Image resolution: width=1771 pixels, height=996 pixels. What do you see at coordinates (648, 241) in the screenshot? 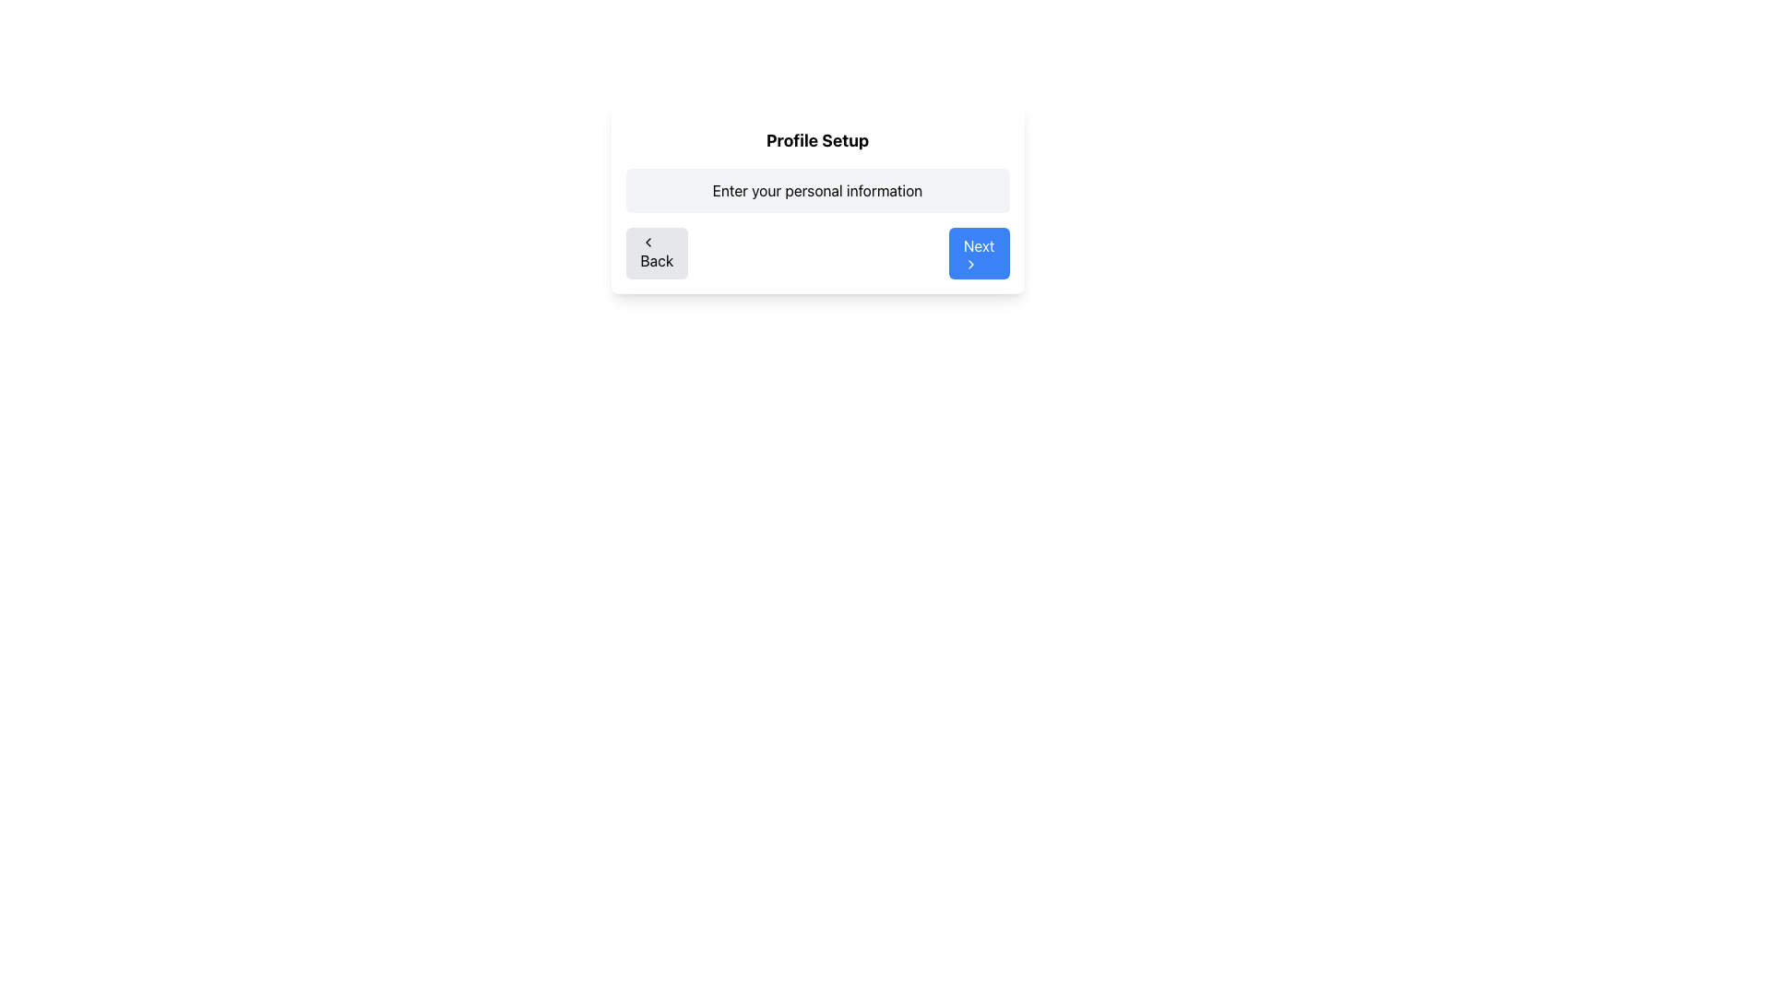
I see `the left-facing chevron icon within the gray 'Back' button` at bounding box center [648, 241].